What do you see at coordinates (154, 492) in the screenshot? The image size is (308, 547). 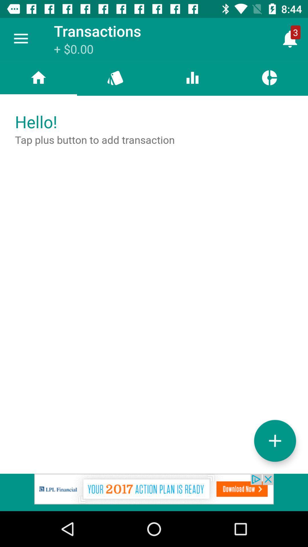 I see `remove add` at bounding box center [154, 492].